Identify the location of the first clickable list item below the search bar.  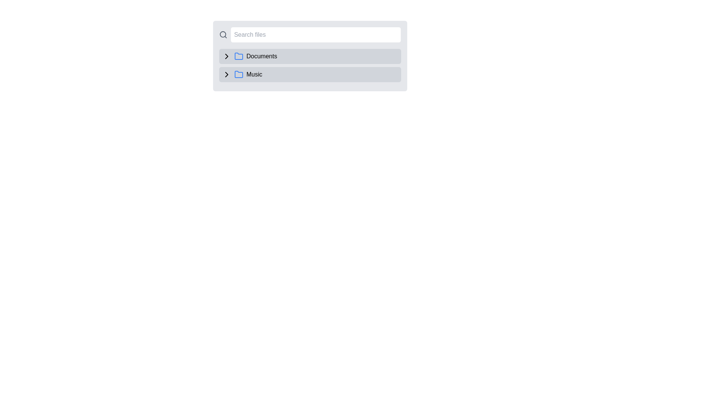
(310, 55).